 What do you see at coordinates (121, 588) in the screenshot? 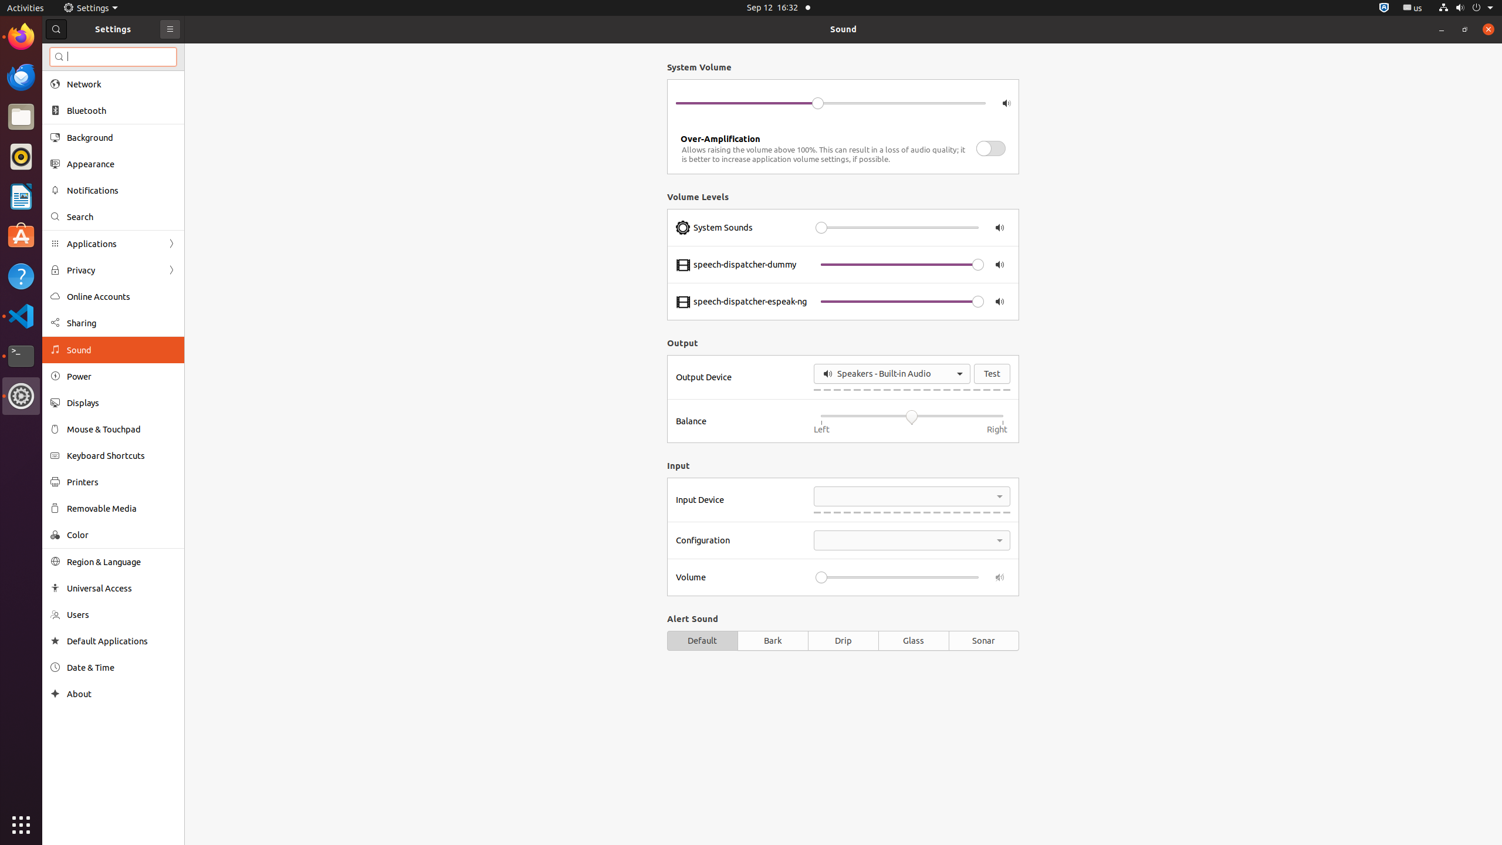
I see `'Universal Access'` at bounding box center [121, 588].